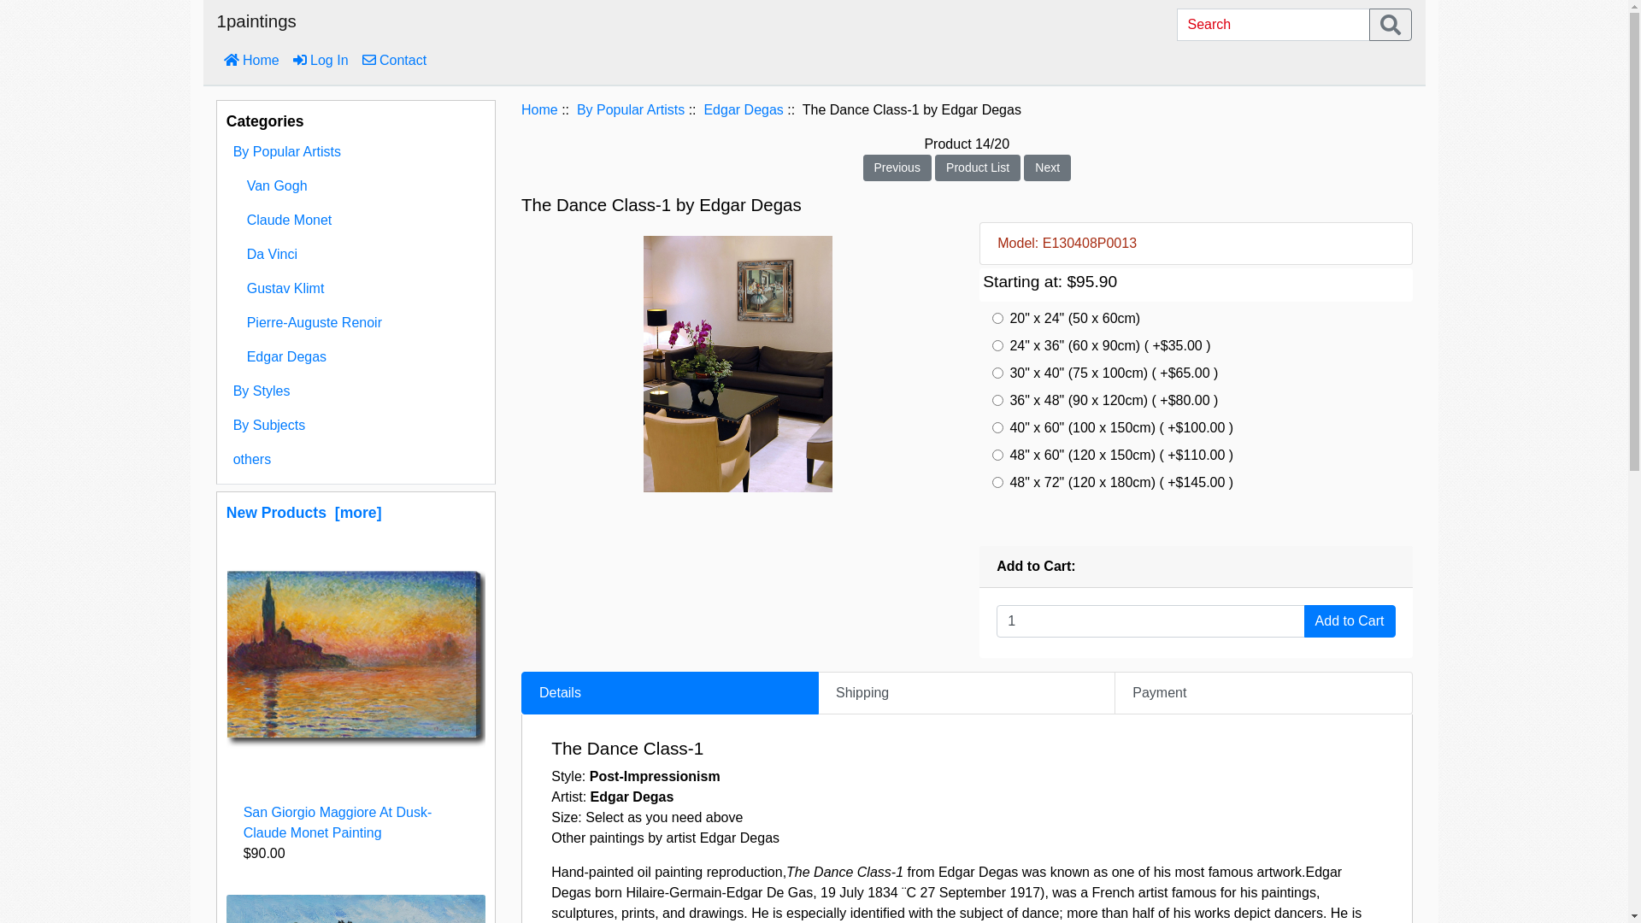 The width and height of the screenshot is (1641, 923). What do you see at coordinates (303, 512) in the screenshot?
I see `'New Products  [more]'` at bounding box center [303, 512].